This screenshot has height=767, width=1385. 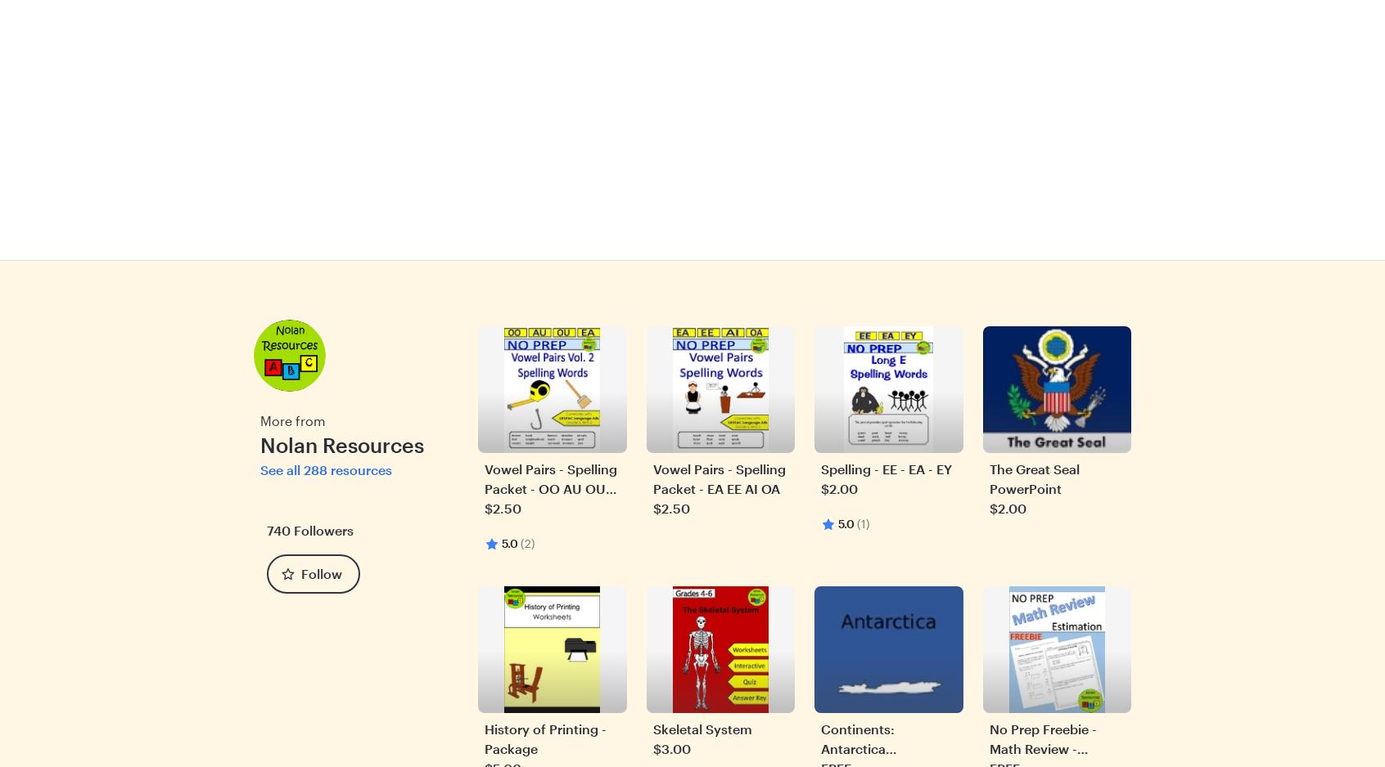 What do you see at coordinates (277, 529) in the screenshot?
I see `'740'` at bounding box center [277, 529].